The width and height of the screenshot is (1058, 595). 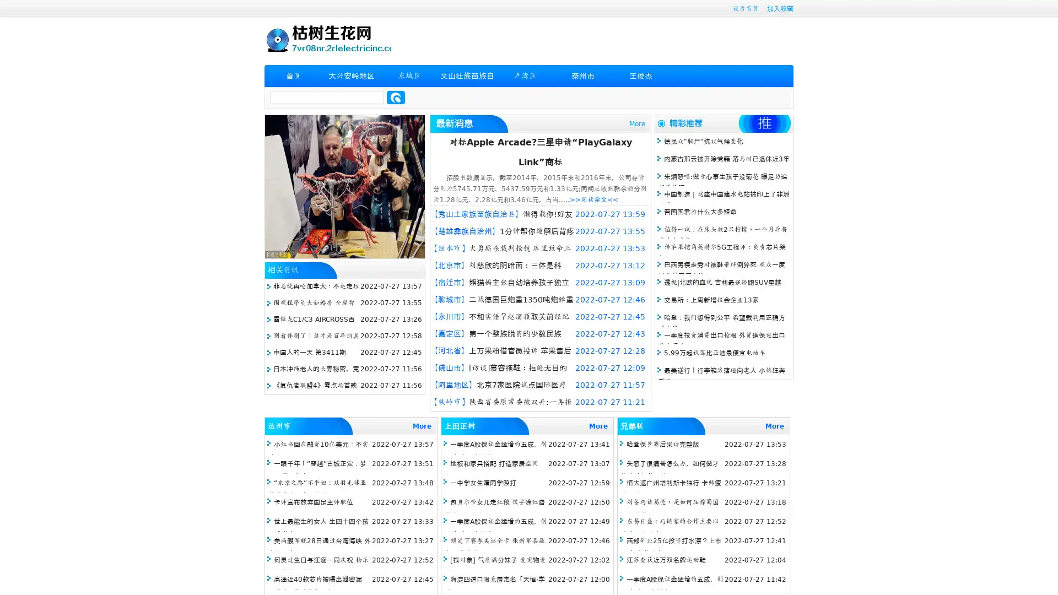 I want to click on Search, so click(x=396, y=97).